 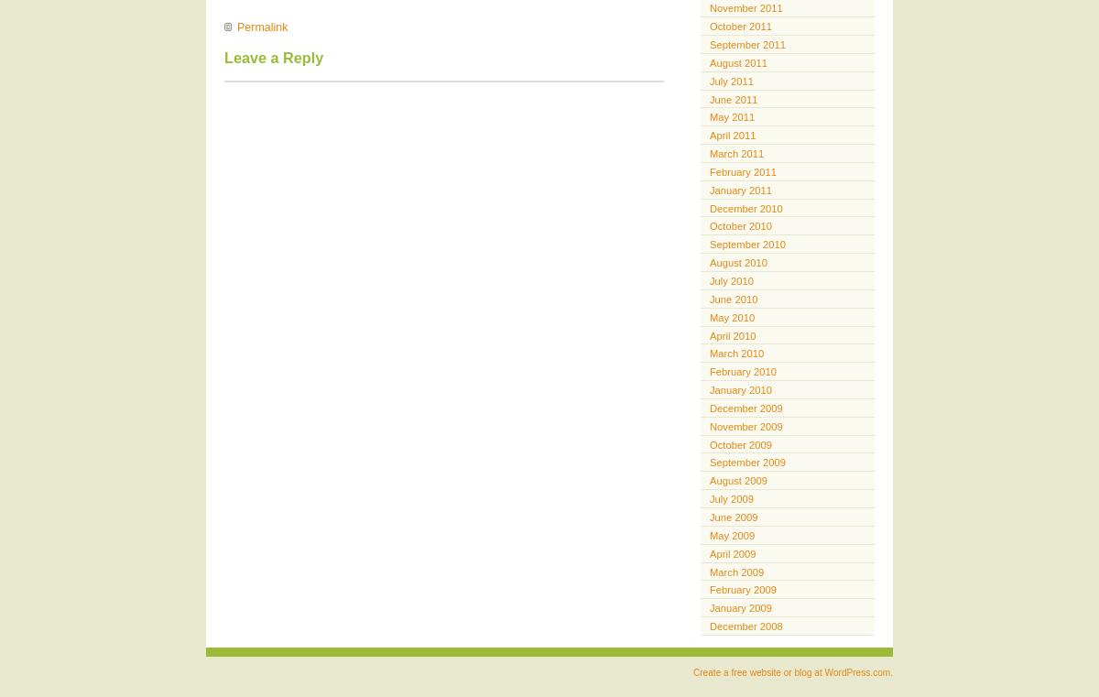 I want to click on 'April 2010', so click(x=732, y=333).